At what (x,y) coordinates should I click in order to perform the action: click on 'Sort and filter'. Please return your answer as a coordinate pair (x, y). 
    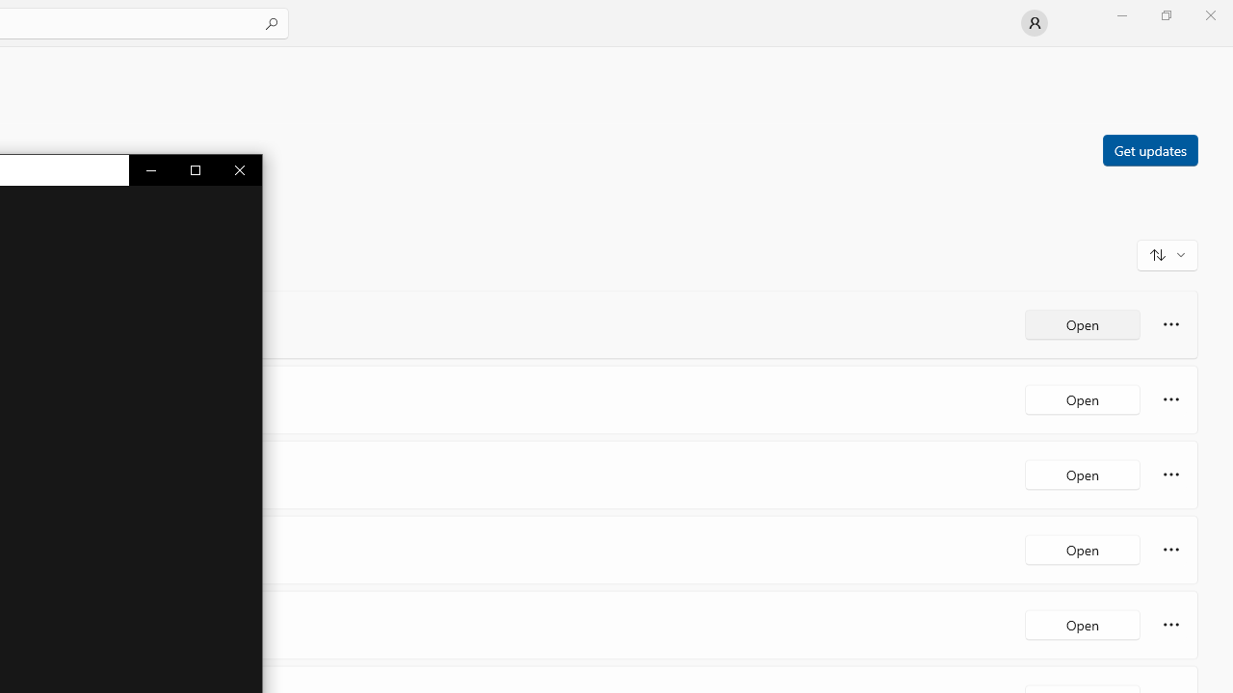
    Looking at the image, I should click on (1167, 253).